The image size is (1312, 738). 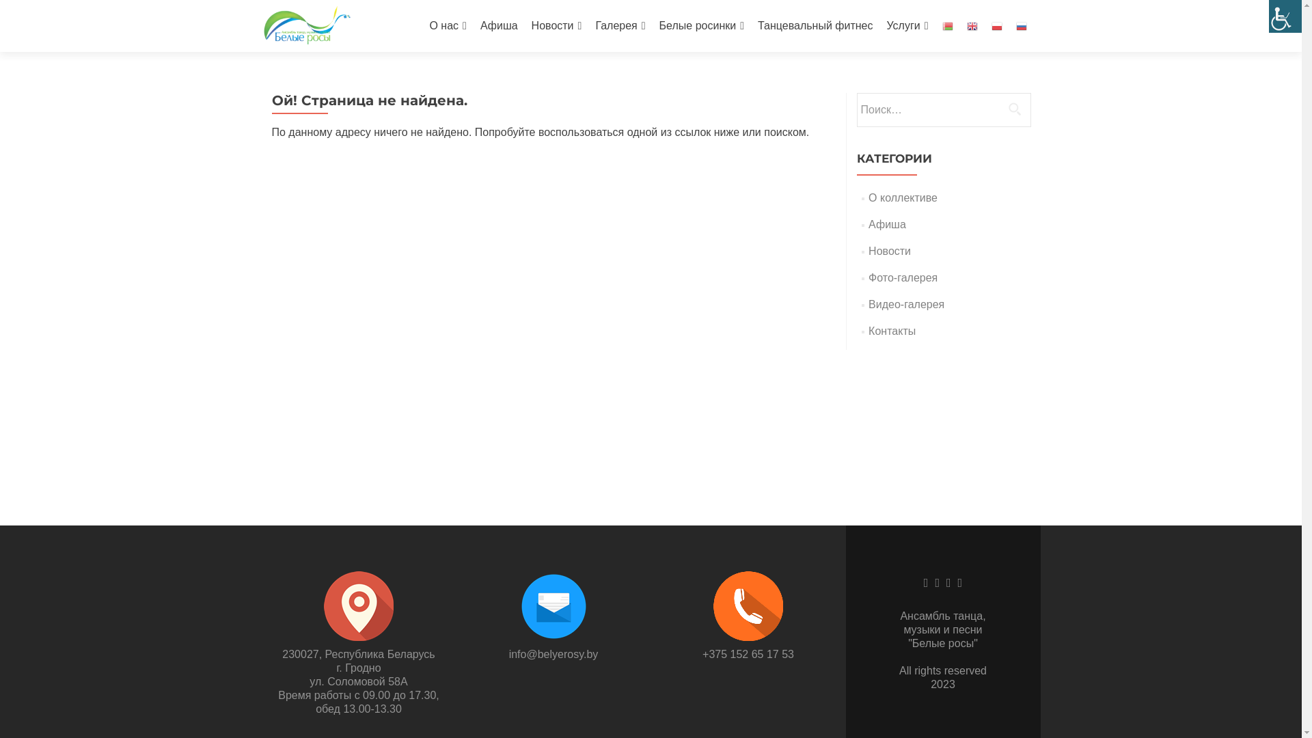 I want to click on 'English', so click(x=970, y=25).